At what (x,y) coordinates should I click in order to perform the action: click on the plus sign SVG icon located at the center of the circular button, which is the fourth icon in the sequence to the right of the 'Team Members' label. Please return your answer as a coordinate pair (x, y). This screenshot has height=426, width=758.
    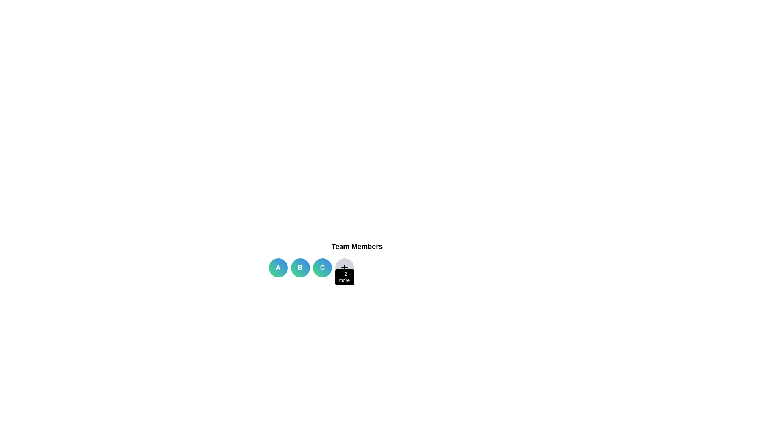
    Looking at the image, I should click on (344, 267).